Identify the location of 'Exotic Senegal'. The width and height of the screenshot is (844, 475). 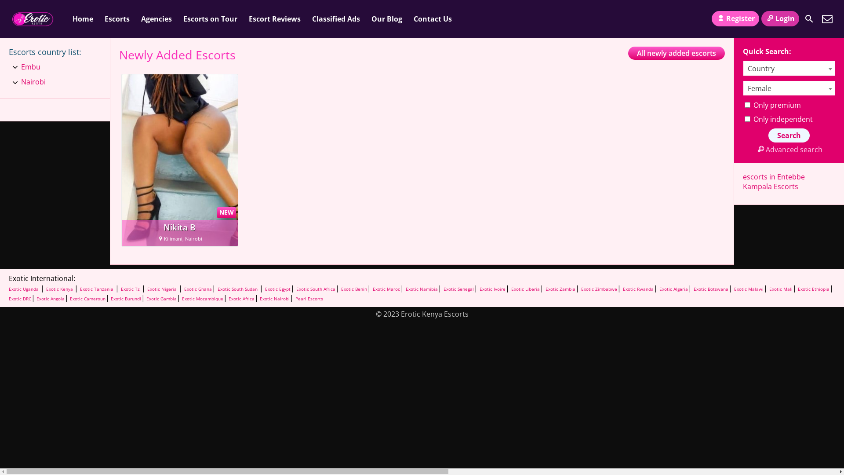
(458, 289).